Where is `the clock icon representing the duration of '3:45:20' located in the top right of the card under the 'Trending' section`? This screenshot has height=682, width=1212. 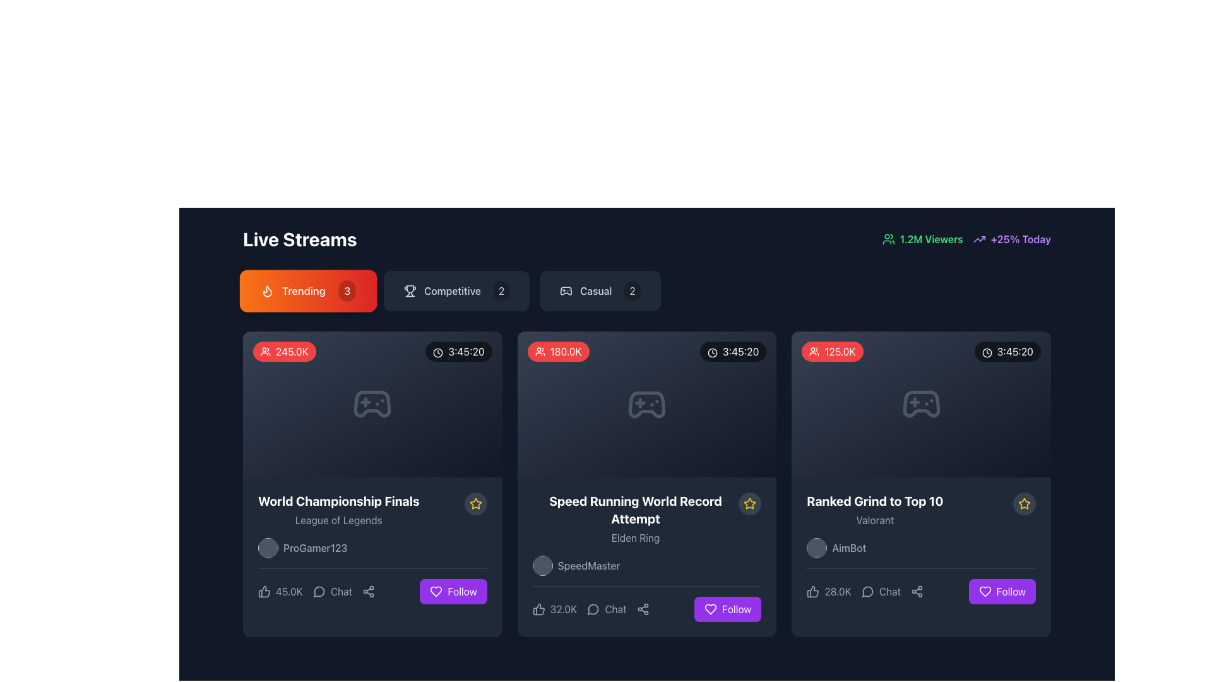
the clock icon representing the duration of '3:45:20' located in the top right of the card under the 'Trending' section is located at coordinates (438, 352).